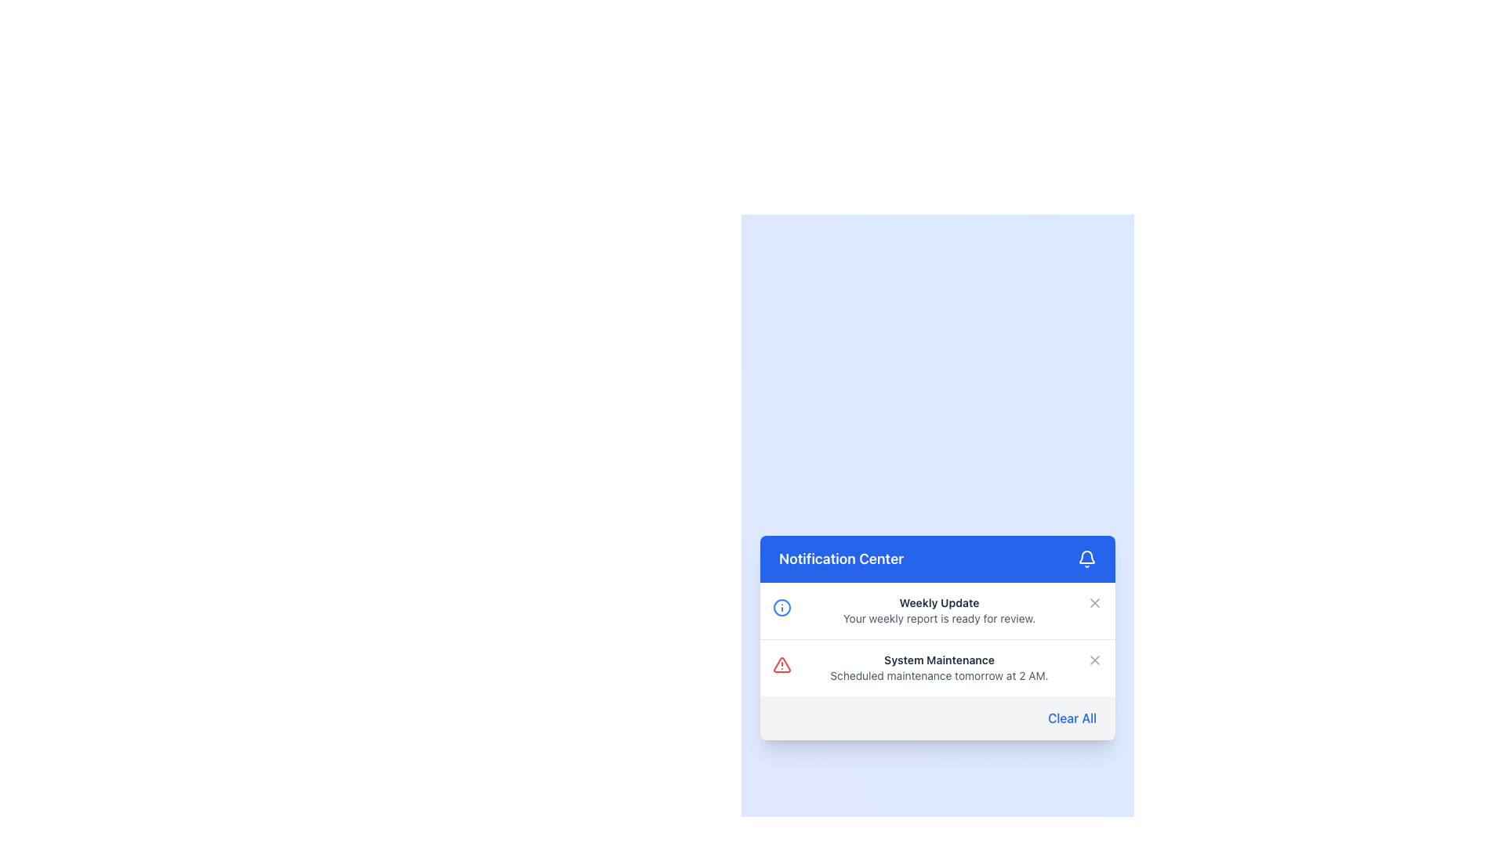 The height and width of the screenshot is (846, 1505). Describe the element at coordinates (1086, 558) in the screenshot. I see `the notification bell icon located at the rightmost side of the blue notification header bar` at that location.